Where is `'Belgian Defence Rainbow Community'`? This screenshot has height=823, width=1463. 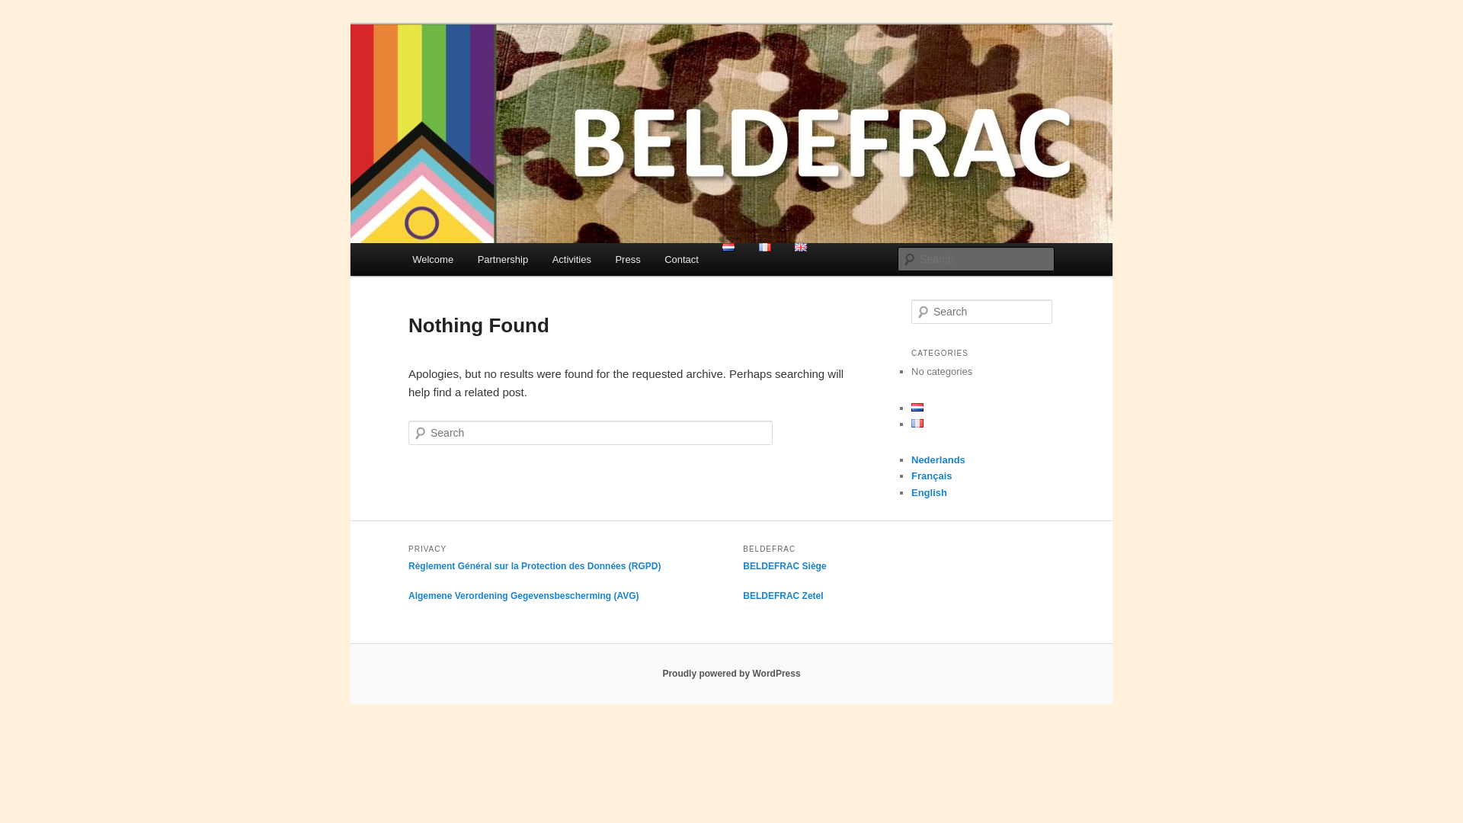 'Belgian Defence Rainbow Community' is located at coordinates (408, 79).